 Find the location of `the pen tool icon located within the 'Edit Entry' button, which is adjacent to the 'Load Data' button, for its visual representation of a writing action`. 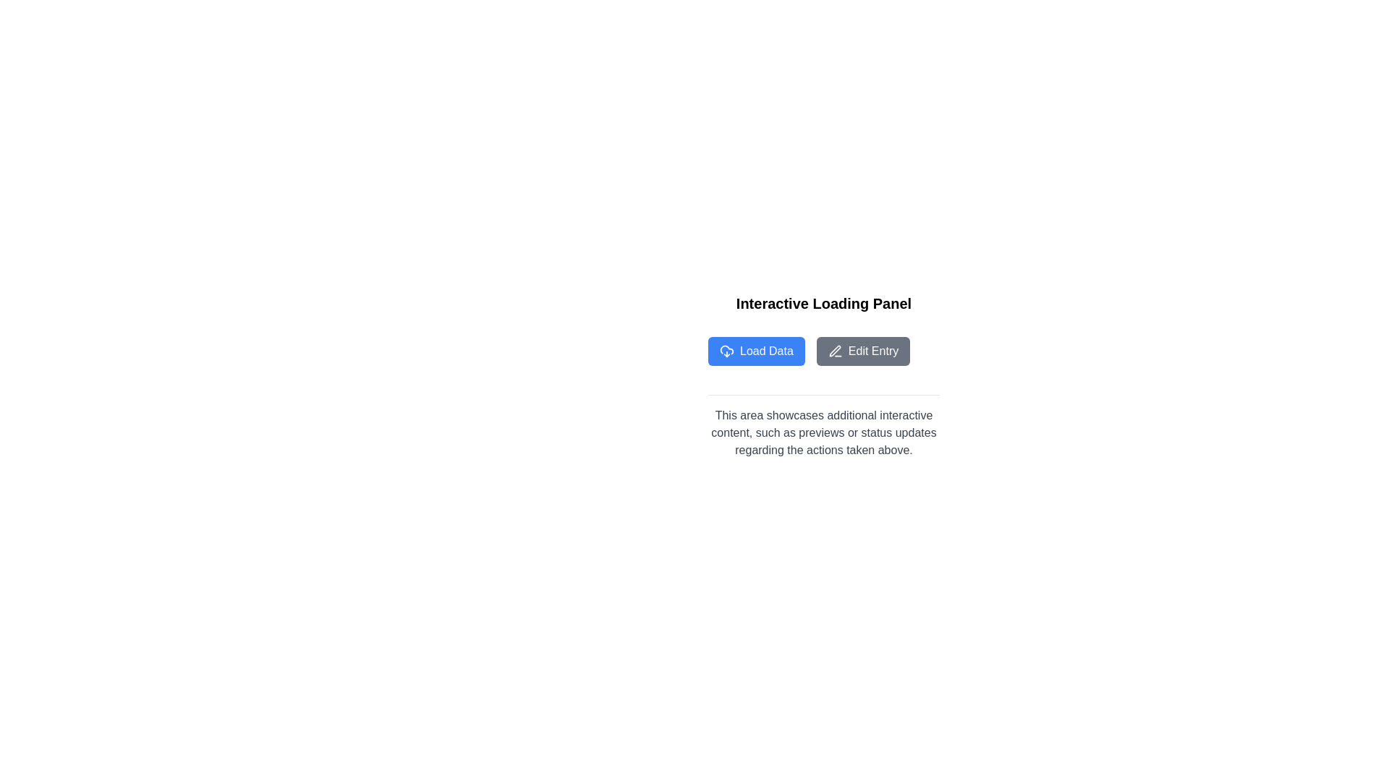

the pen tool icon located within the 'Edit Entry' button, which is adjacent to the 'Load Data' button, for its visual representation of a writing action is located at coordinates (835, 351).